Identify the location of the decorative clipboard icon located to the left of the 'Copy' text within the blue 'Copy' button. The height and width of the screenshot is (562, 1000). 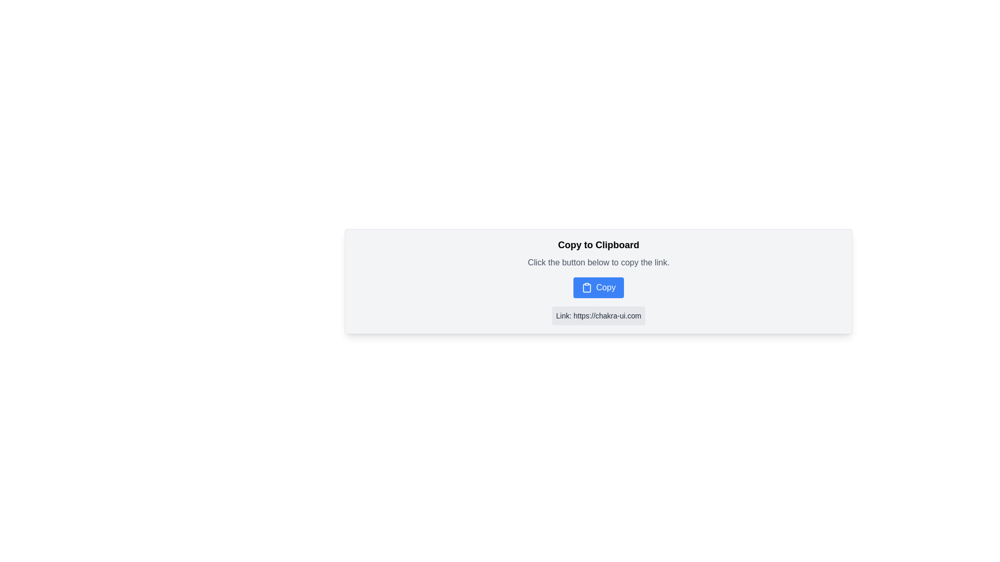
(586, 287).